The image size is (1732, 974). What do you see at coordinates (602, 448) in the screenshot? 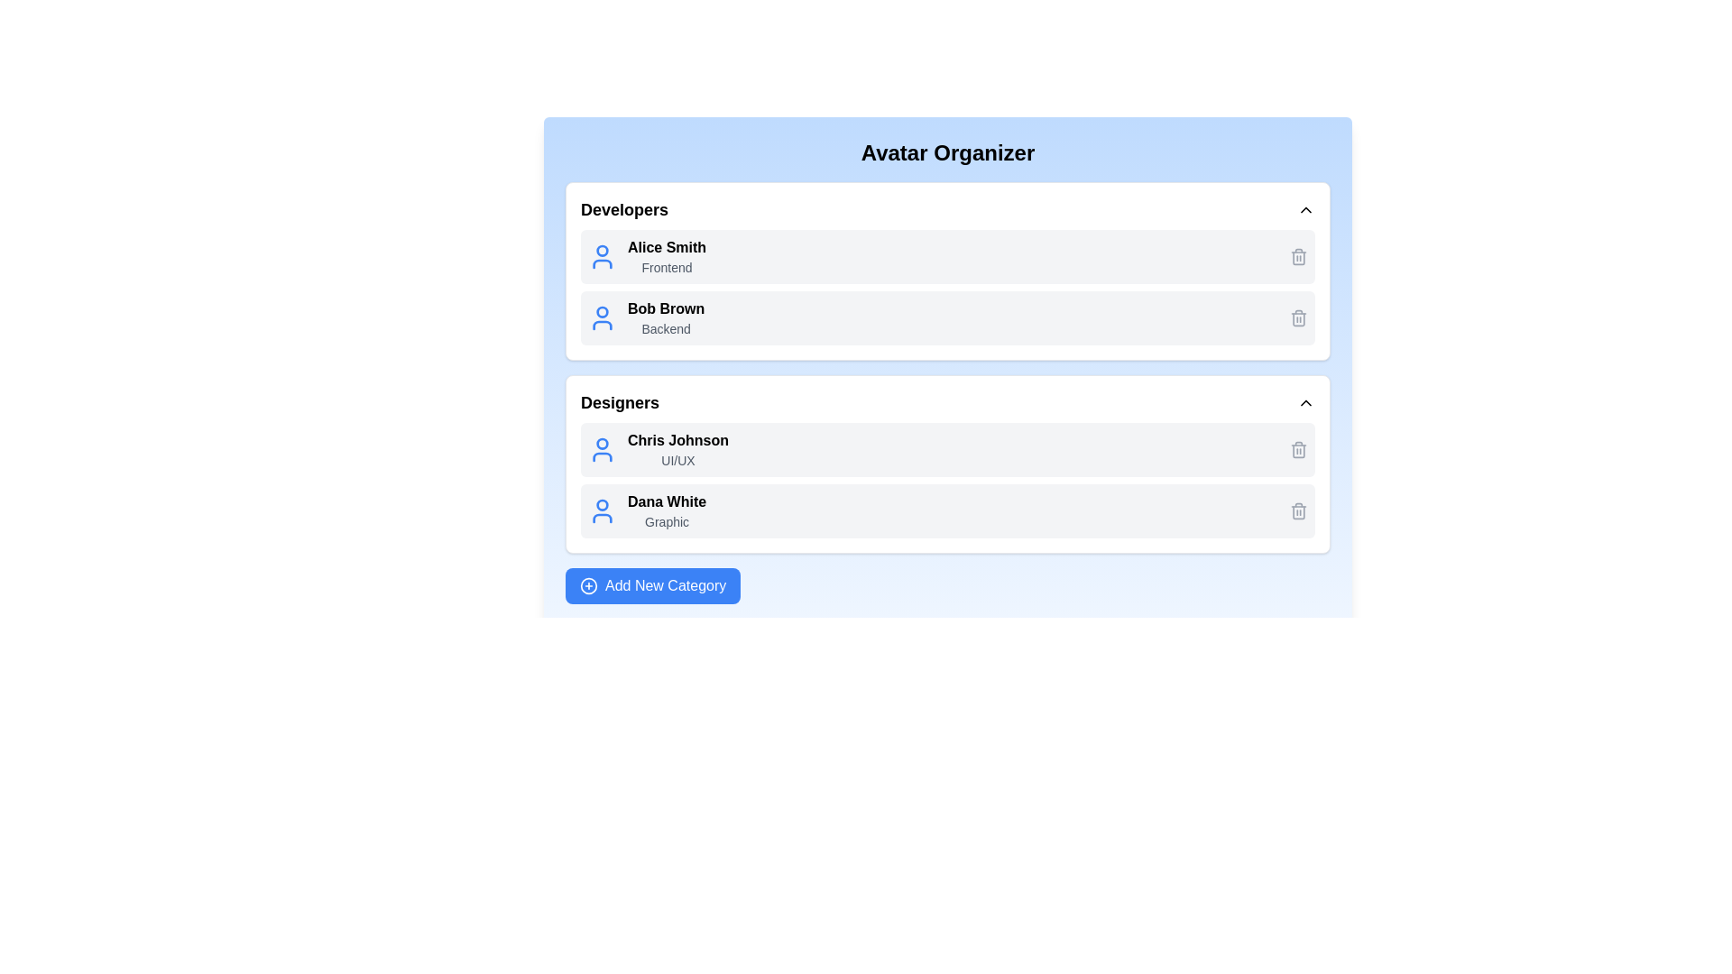
I see `the circular user profile icon with a blue outline representing 'Chris Johnson' in the Designers category section` at bounding box center [602, 448].